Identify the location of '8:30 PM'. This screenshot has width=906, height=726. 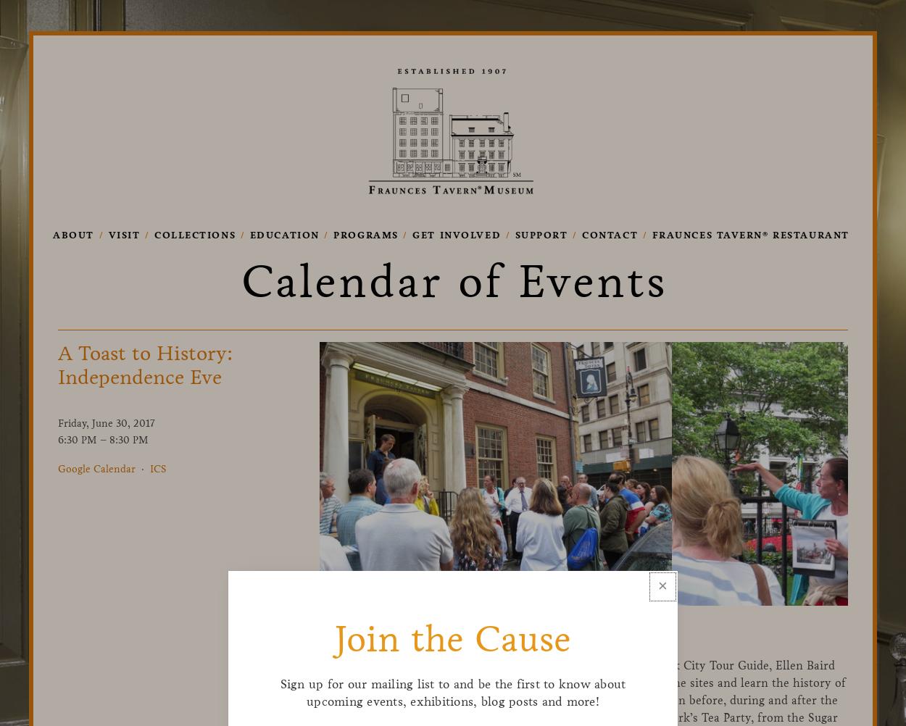
(129, 439).